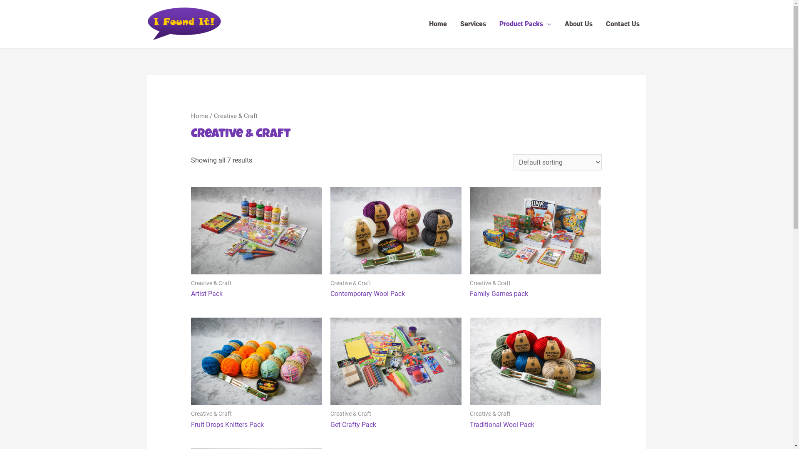 This screenshot has width=799, height=449. I want to click on 'Services', so click(473, 23).